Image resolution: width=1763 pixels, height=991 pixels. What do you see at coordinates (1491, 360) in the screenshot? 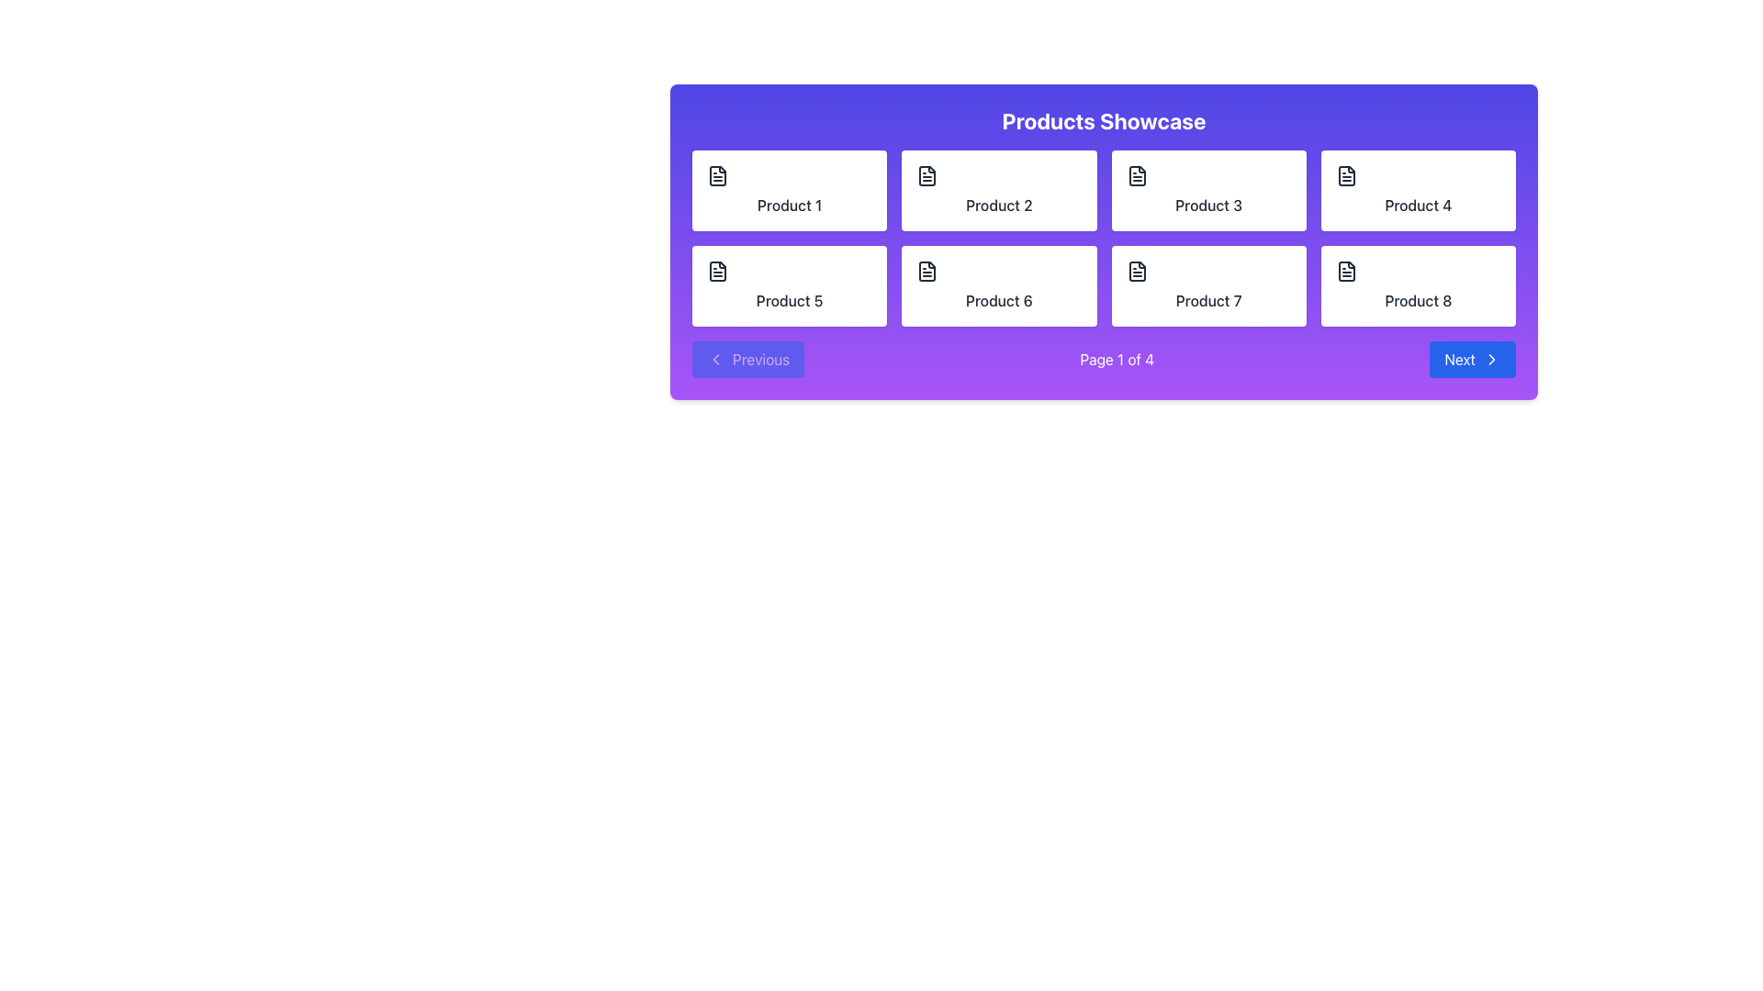
I see `the right-facing chevron SVG icon located near the 'Next' button in the bottom-right corner of the interface` at bounding box center [1491, 360].